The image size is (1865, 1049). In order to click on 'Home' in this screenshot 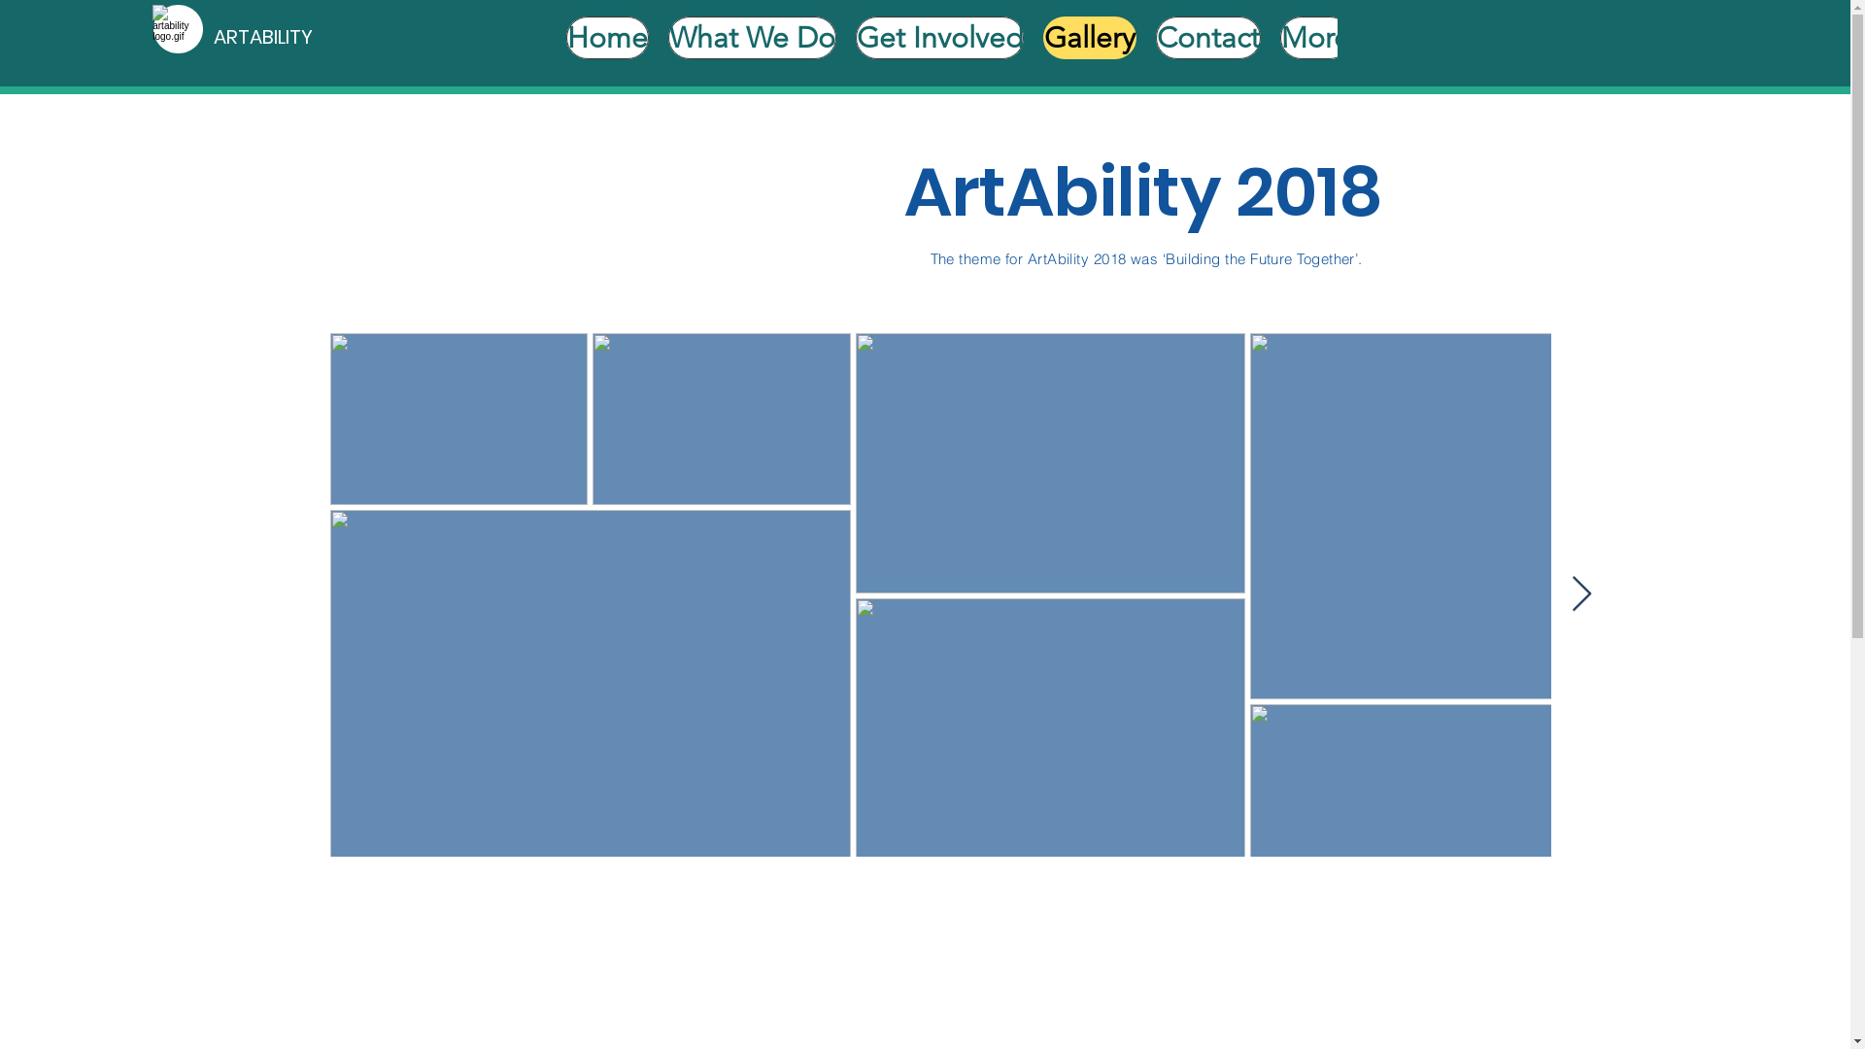, I will do `click(564, 43)`.